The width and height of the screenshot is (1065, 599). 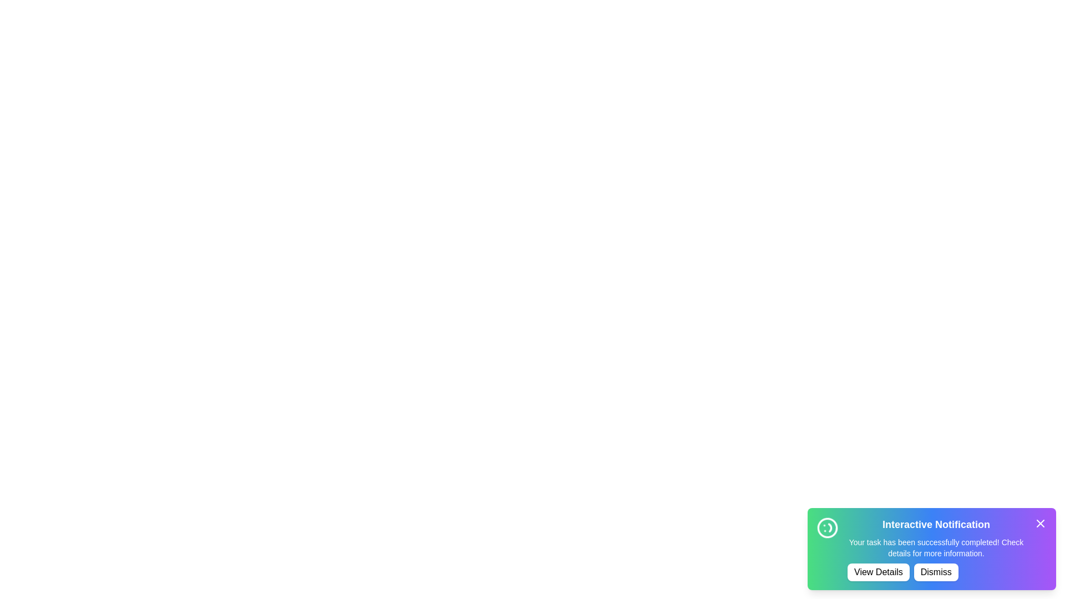 What do you see at coordinates (932, 549) in the screenshot?
I see `the EnhancedSnackbar component to open the context menu` at bounding box center [932, 549].